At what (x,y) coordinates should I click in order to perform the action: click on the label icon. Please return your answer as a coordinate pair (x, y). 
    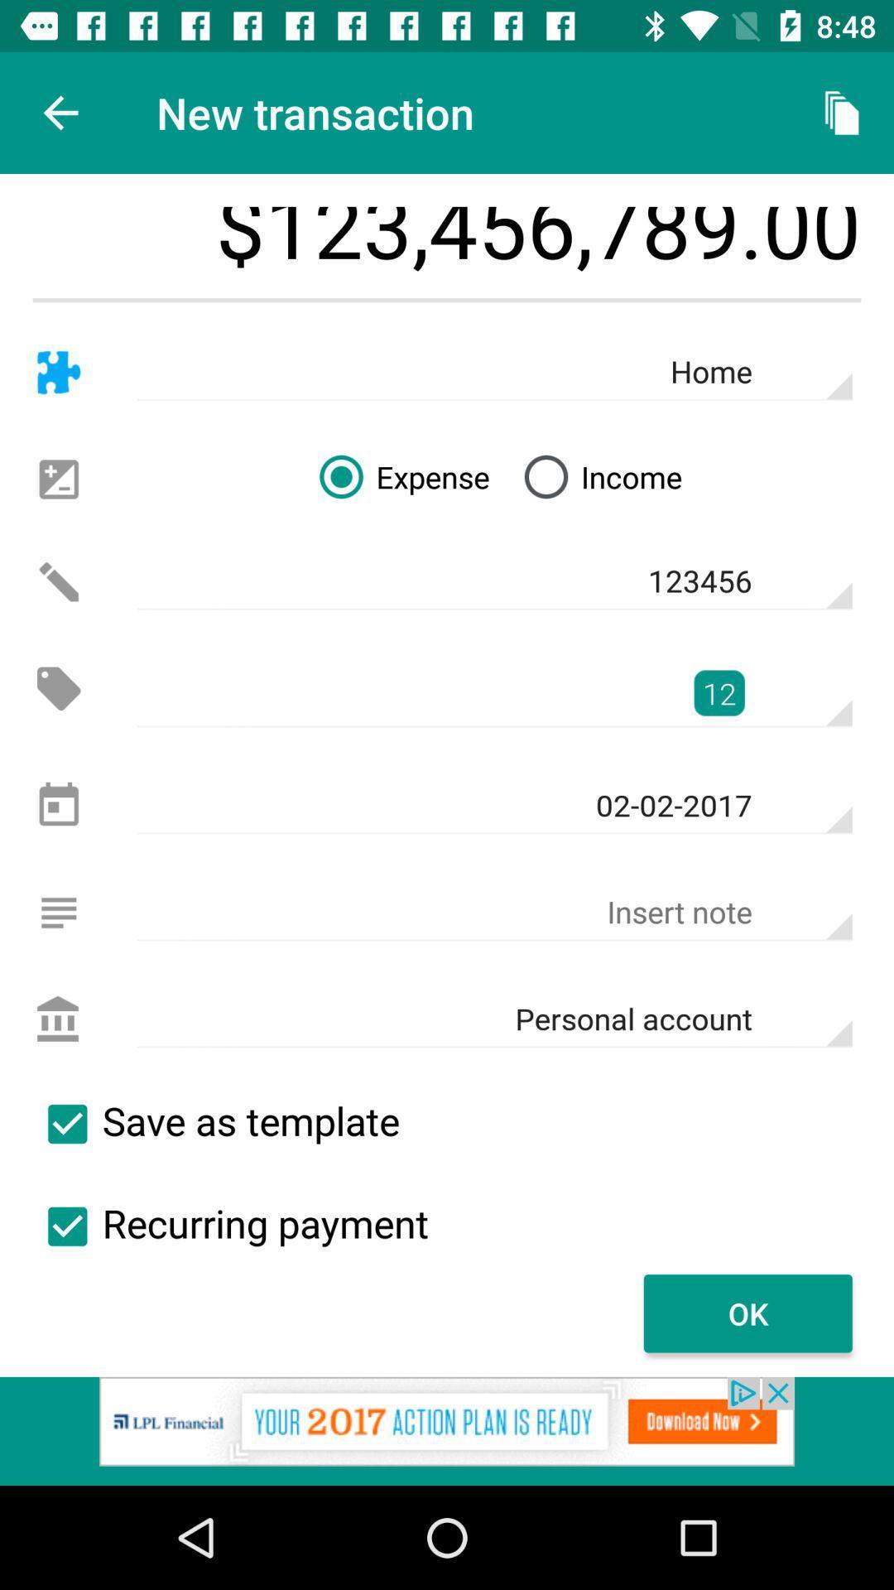
    Looking at the image, I should click on (58, 688).